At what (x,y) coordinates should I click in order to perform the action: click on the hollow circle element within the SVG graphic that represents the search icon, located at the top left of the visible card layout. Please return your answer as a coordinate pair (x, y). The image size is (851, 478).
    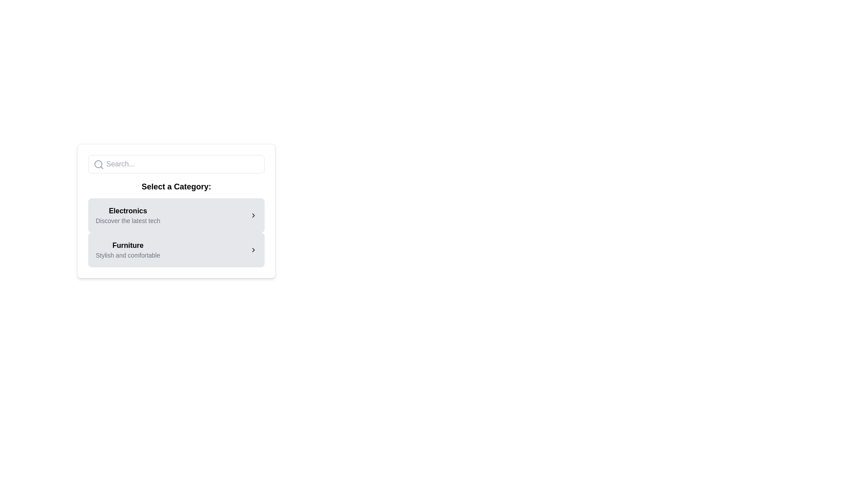
    Looking at the image, I should click on (98, 164).